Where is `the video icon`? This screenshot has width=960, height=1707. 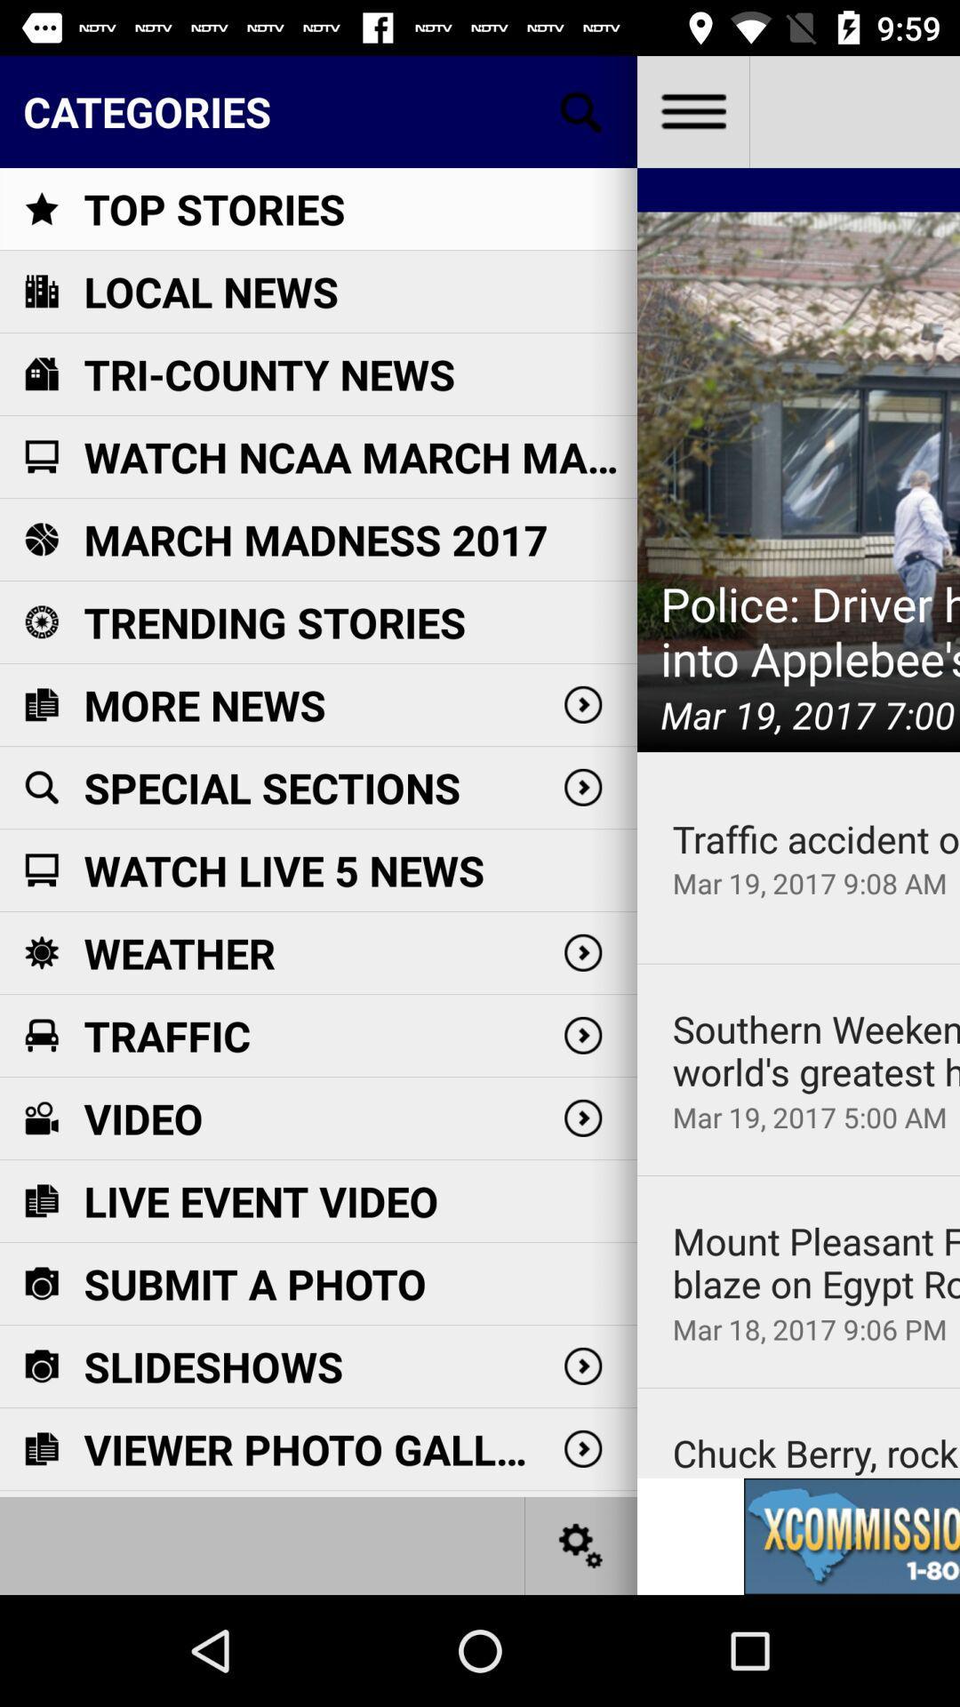
the video icon is located at coordinates (40, 1117).